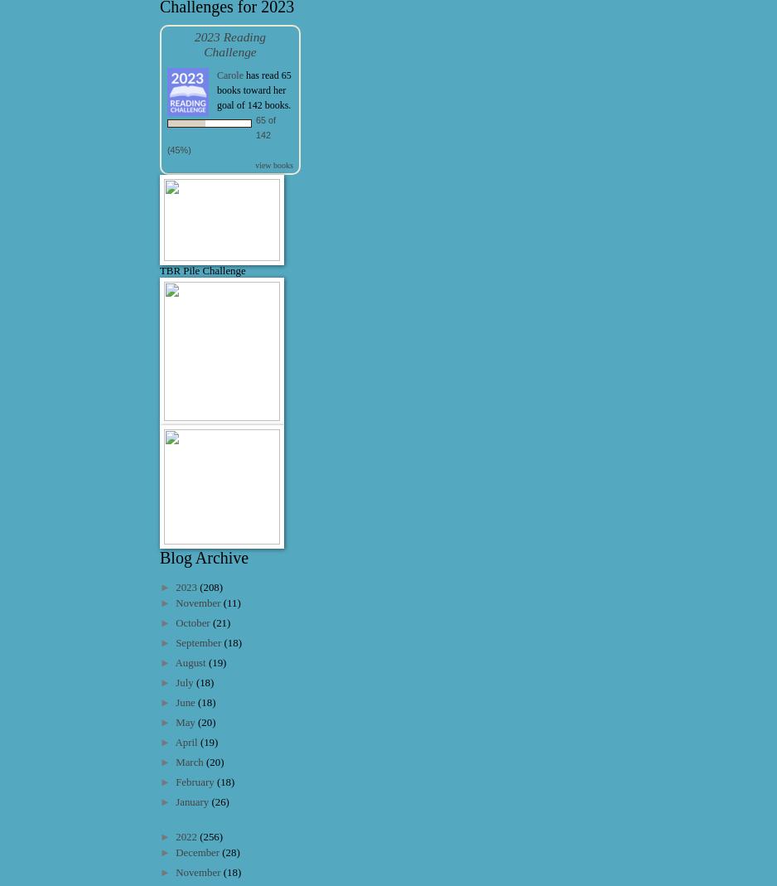 This screenshot has height=886, width=777. Describe the element at coordinates (187, 836) in the screenshot. I see `'2022'` at that location.